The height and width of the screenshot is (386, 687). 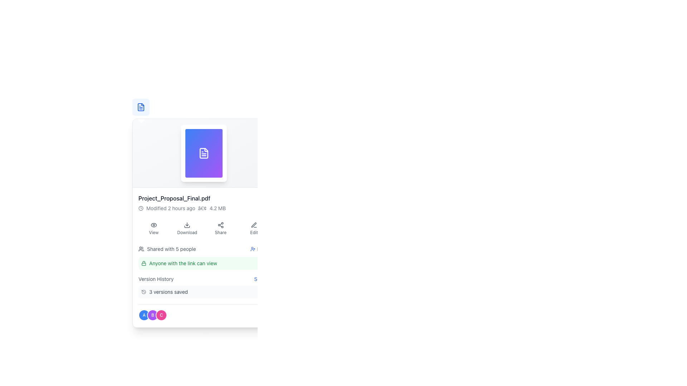 I want to click on the third circular badge labeled 'C', so click(x=161, y=315).